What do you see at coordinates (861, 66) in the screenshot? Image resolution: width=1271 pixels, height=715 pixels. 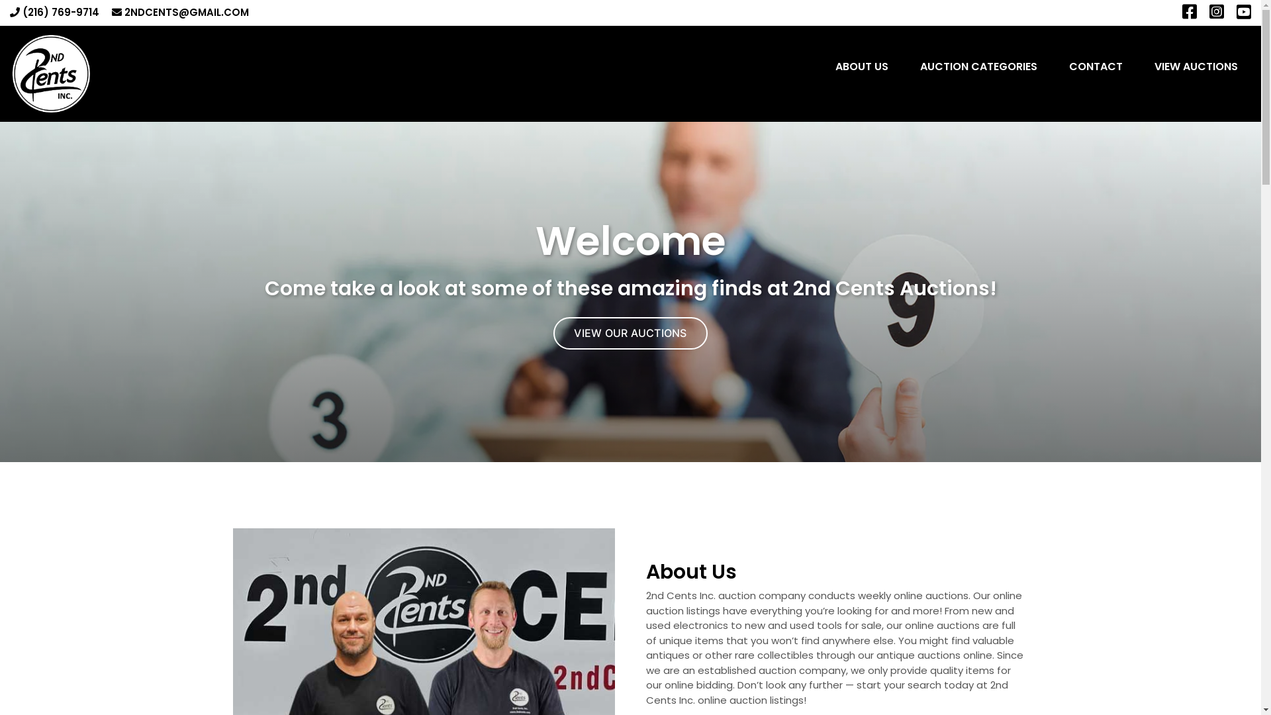 I see `'ABOUT US'` at bounding box center [861, 66].